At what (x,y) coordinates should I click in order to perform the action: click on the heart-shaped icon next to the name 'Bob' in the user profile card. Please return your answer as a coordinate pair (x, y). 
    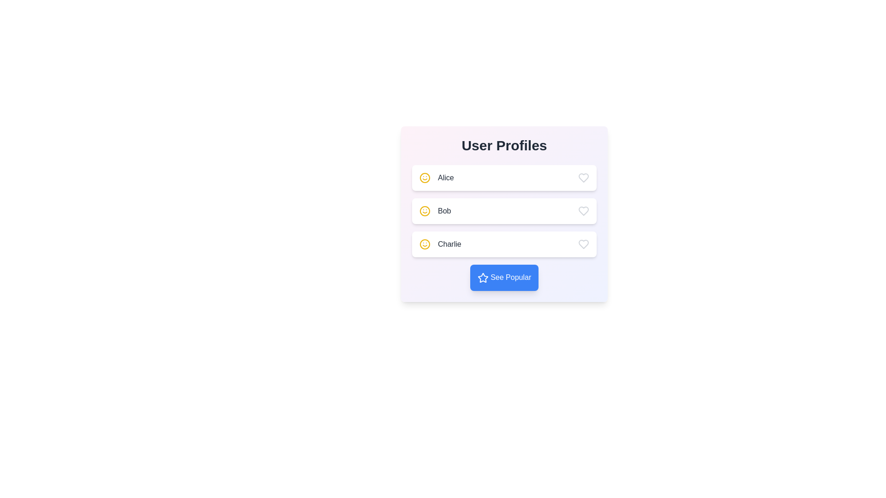
    Looking at the image, I should click on (583, 211).